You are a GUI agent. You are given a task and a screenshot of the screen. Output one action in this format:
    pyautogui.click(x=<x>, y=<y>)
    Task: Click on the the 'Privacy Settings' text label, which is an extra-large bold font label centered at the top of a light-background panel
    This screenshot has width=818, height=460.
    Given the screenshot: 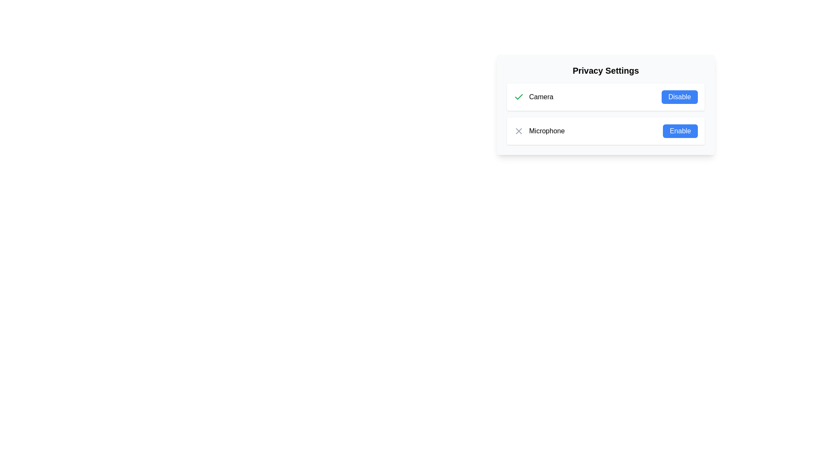 What is the action you would take?
    pyautogui.click(x=605, y=70)
    